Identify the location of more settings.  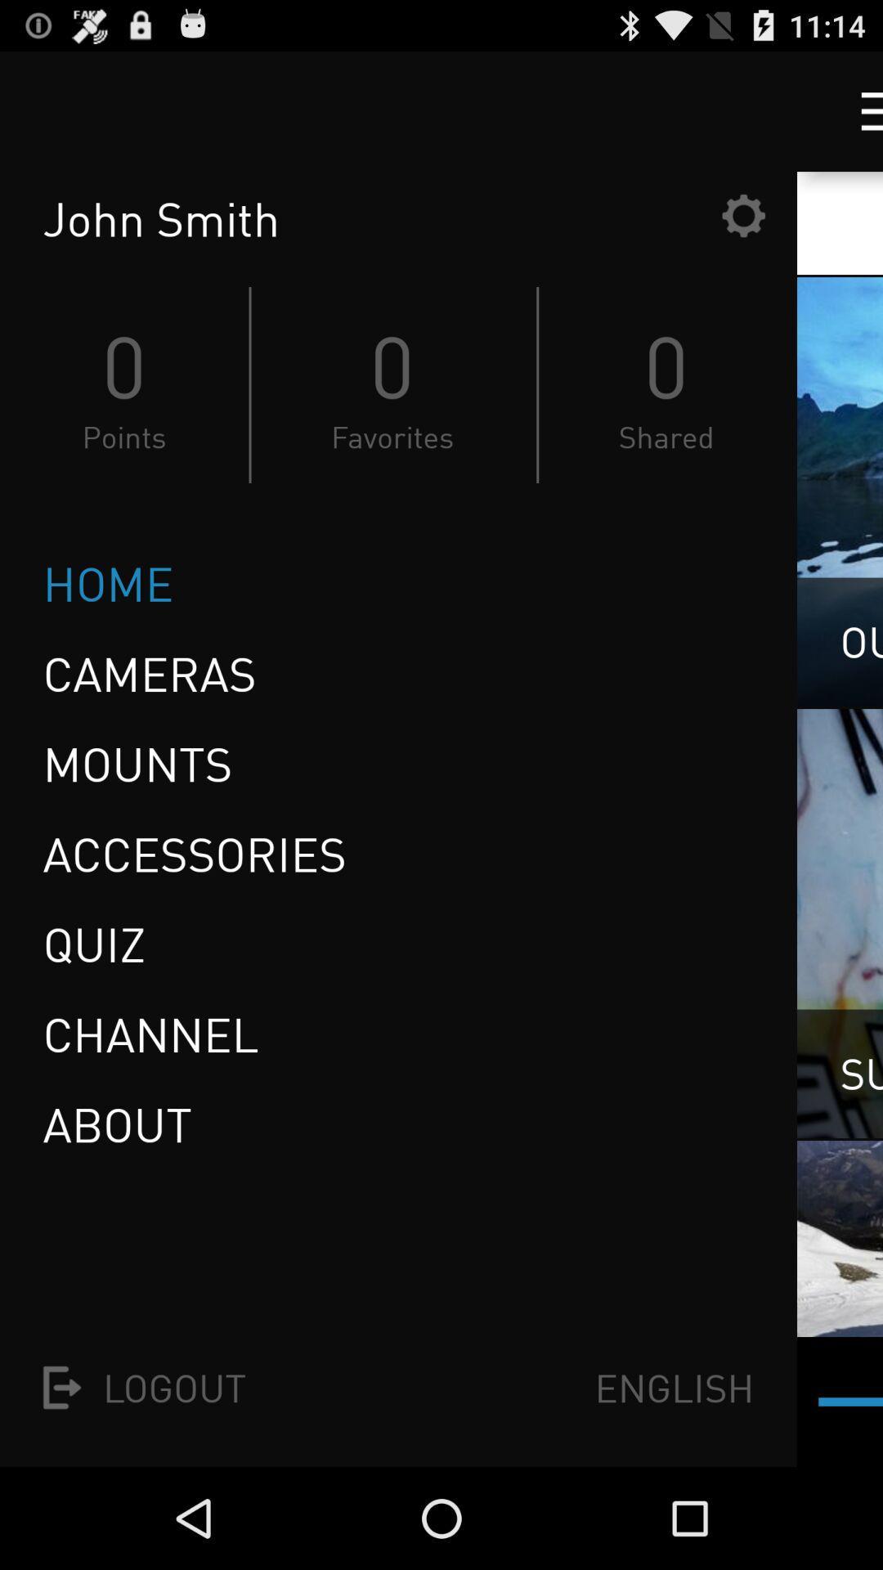
(856, 110).